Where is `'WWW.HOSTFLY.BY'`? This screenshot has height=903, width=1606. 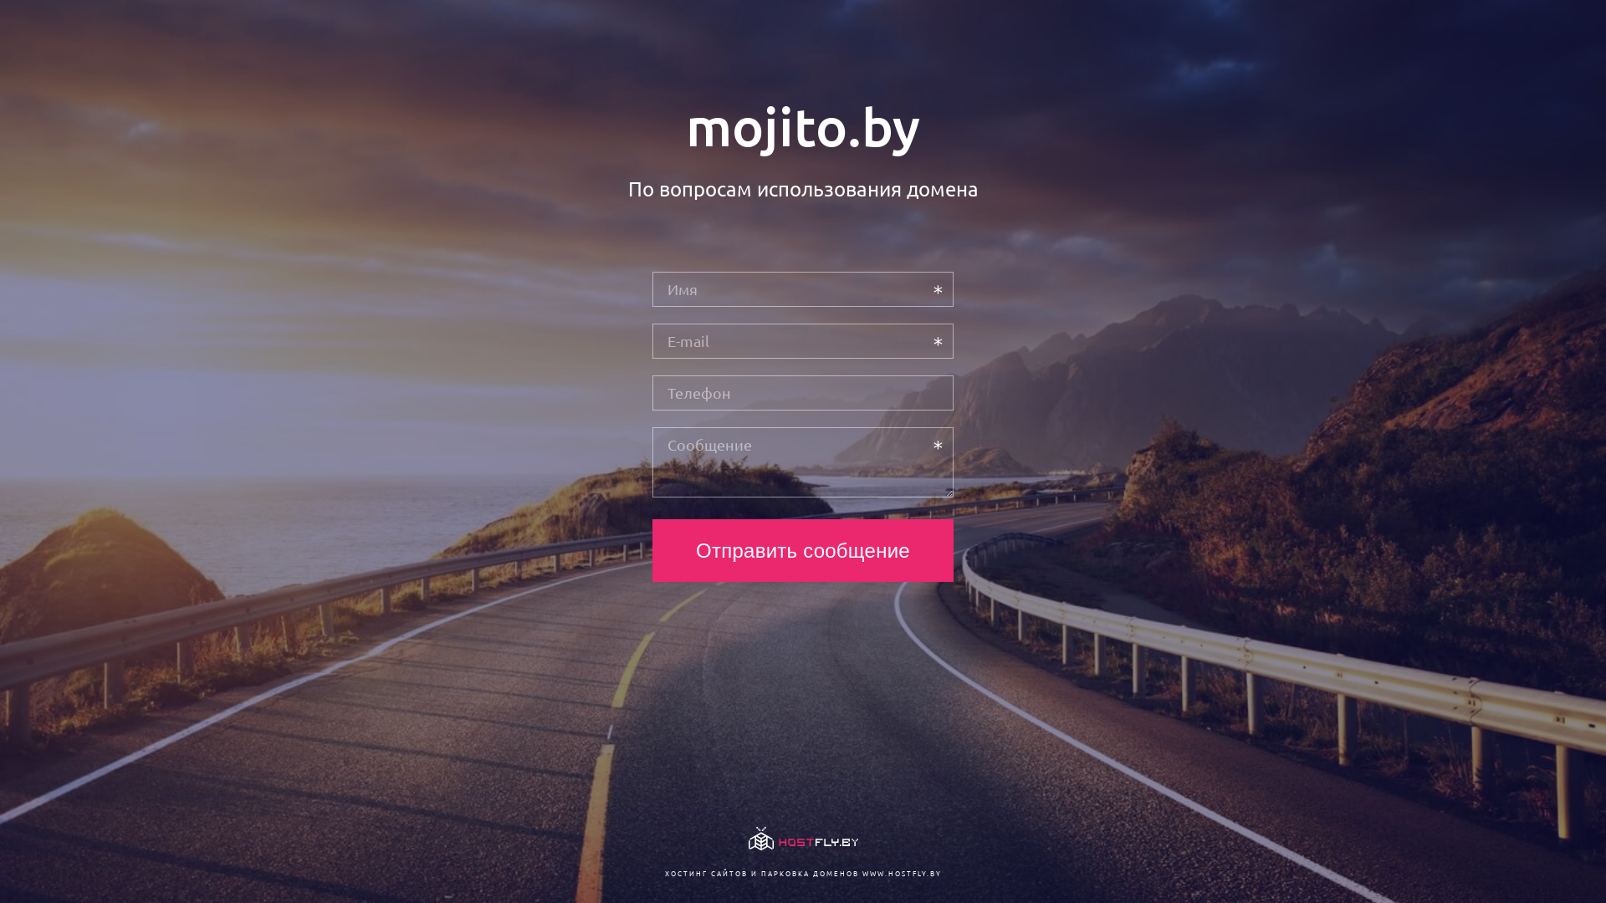
'WWW.HOSTFLY.BY' is located at coordinates (900, 872).